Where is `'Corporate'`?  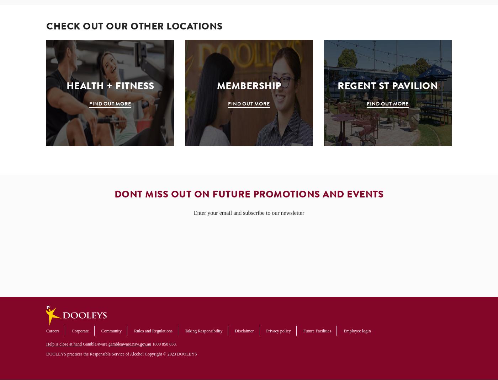
'Corporate' is located at coordinates (80, 330).